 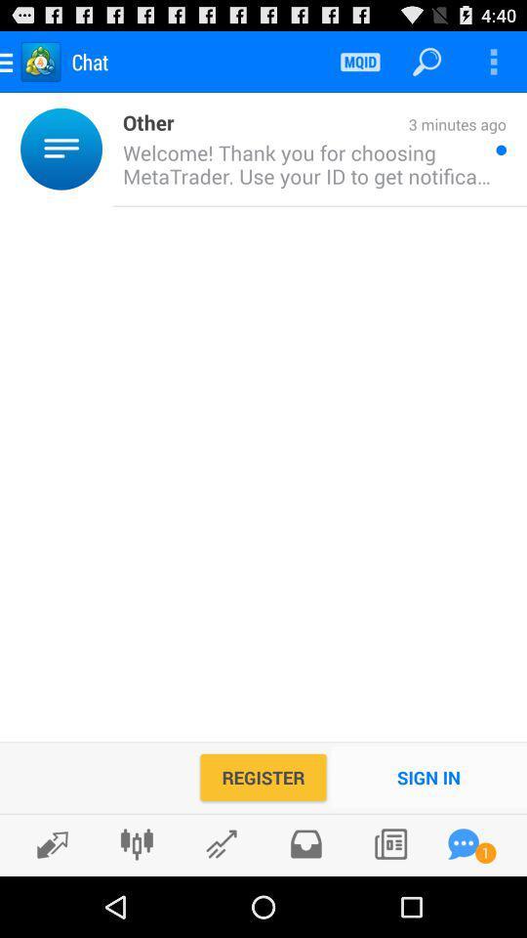 I want to click on inbox, so click(x=305, y=843).